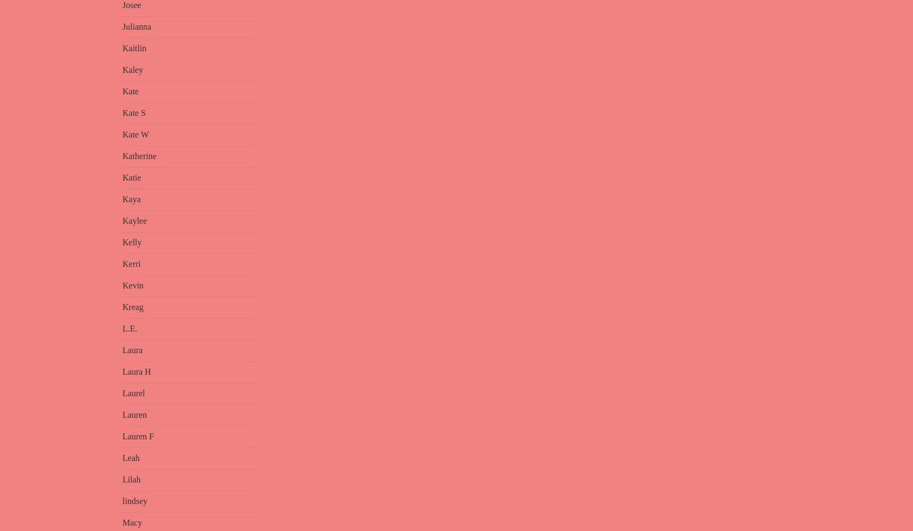 Image resolution: width=913 pixels, height=531 pixels. What do you see at coordinates (131, 263) in the screenshot?
I see `'Kerri'` at bounding box center [131, 263].